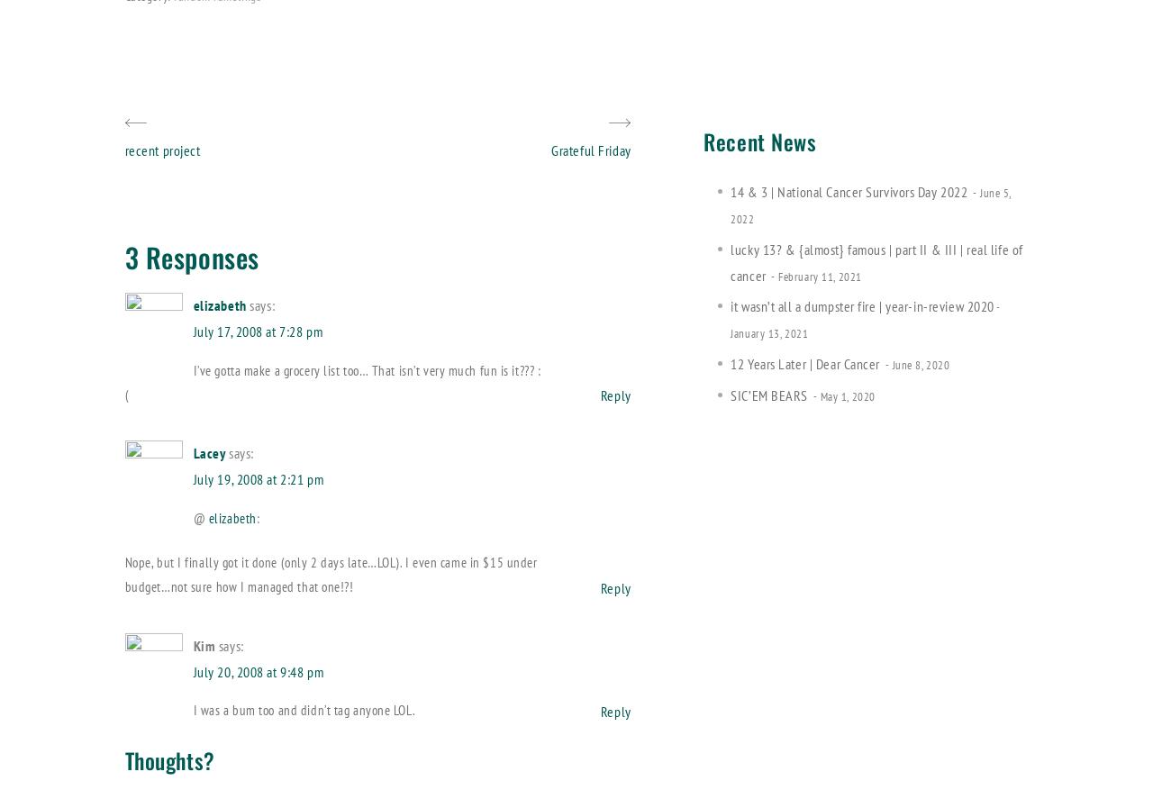  What do you see at coordinates (330, 575) in the screenshot?
I see `'Nope, but I finally got it done (only 2 days late…LOL). I even came in $15 under budget…not sure how I managed that one!?!'` at bounding box center [330, 575].